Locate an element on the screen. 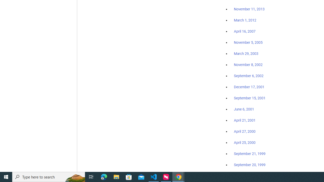 The height and width of the screenshot is (182, 324). 'September 6, 2002' is located at coordinates (249, 76).